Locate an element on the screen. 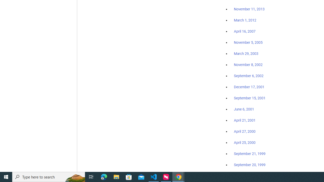 The height and width of the screenshot is (182, 324). 'September 6, 2002' is located at coordinates (249, 76).